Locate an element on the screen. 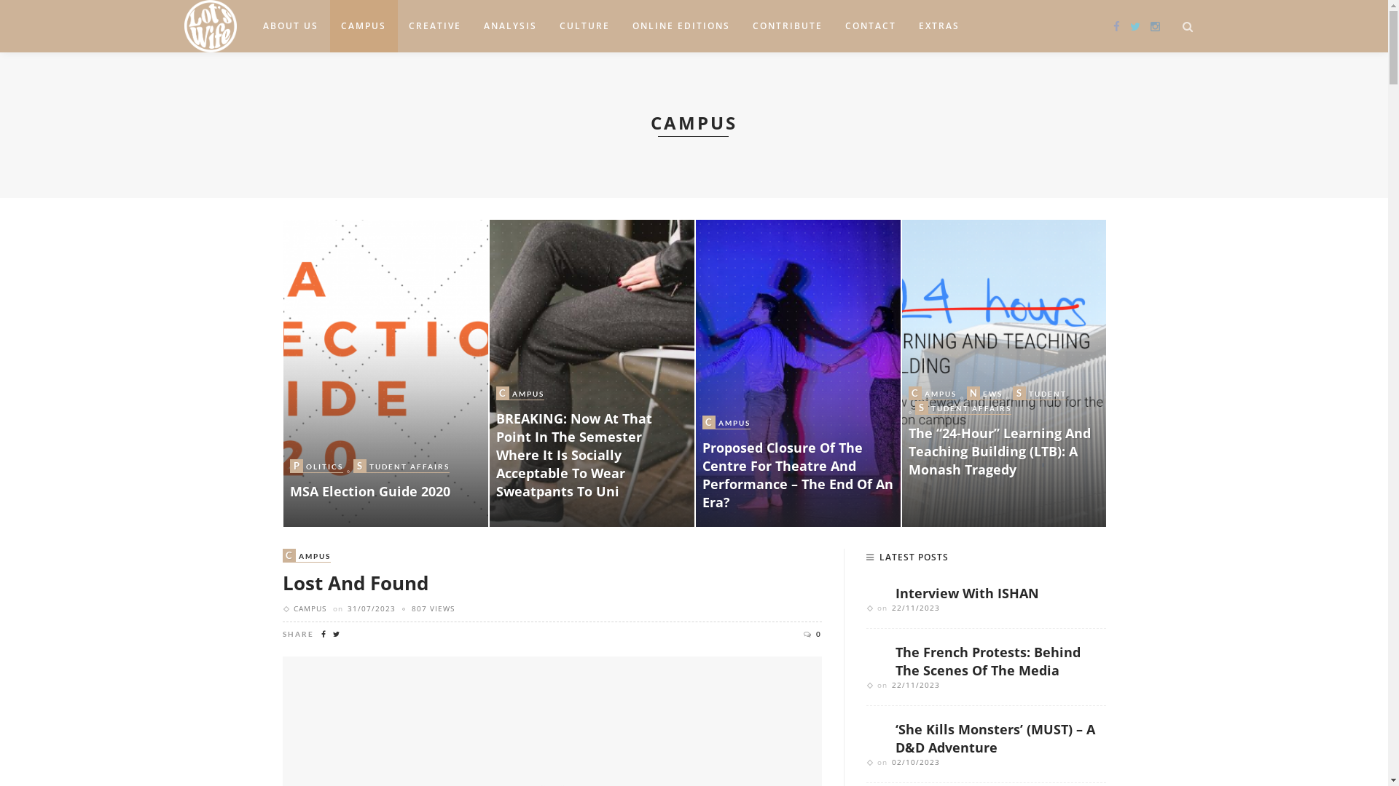 The height and width of the screenshot is (786, 1399). 'ABOUT US' is located at coordinates (290, 25).